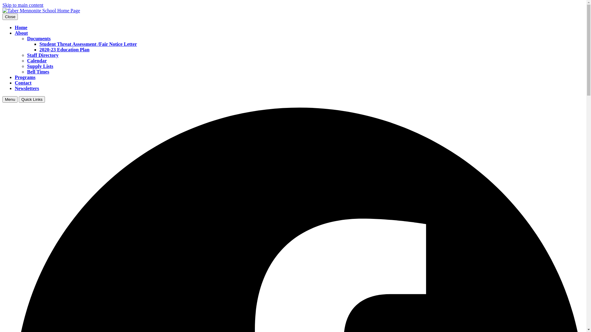 This screenshot has width=591, height=332. I want to click on 'Menu', so click(2, 99).